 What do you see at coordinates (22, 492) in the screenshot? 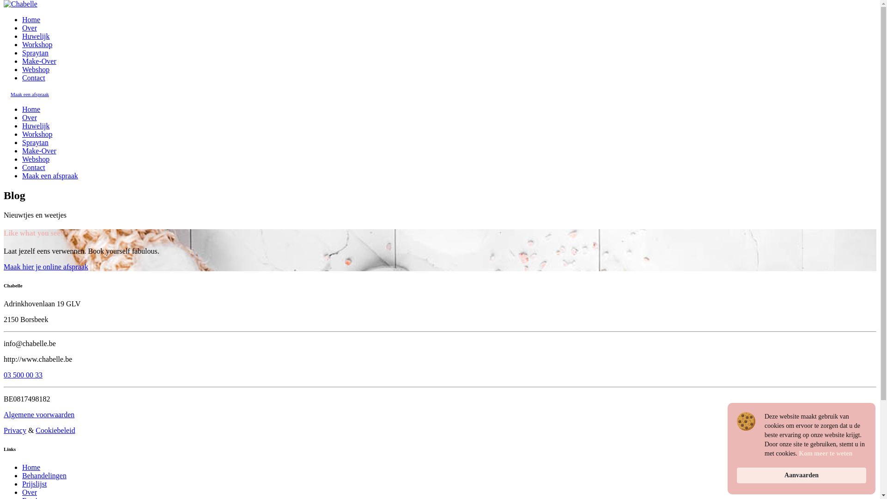
I see `'Over'` at bounding box center [22, 492].